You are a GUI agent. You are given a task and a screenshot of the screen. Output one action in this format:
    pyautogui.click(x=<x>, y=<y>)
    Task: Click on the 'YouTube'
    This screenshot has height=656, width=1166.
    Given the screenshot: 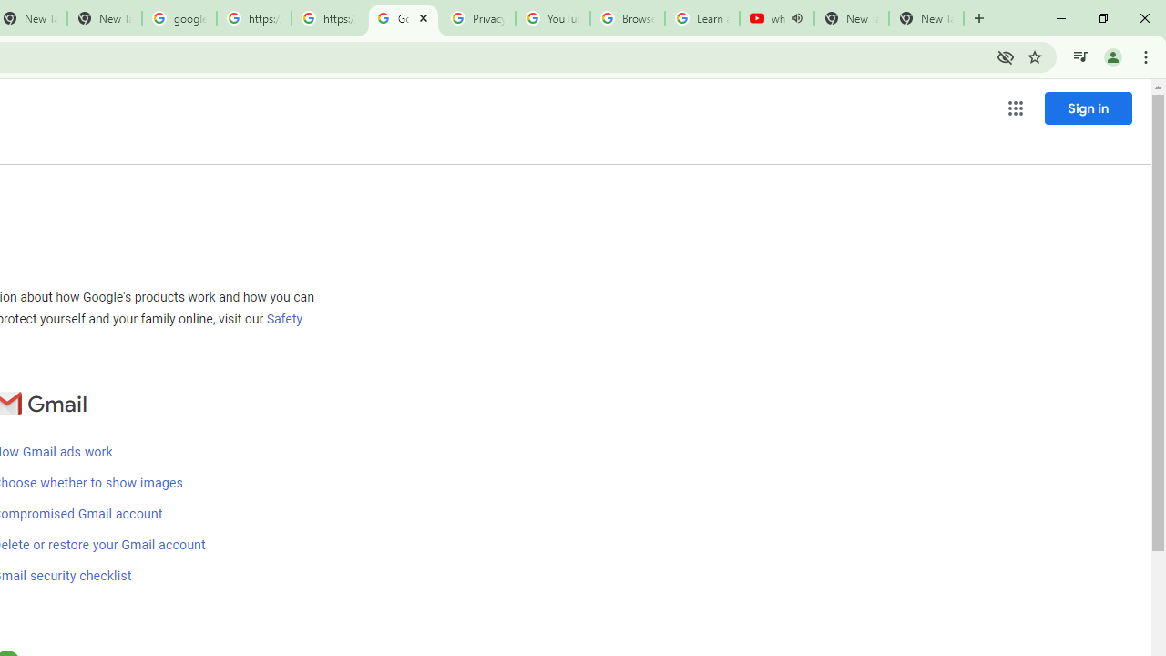 What is the action you would take?
    pyautogui.click(x=551, y=18)
    